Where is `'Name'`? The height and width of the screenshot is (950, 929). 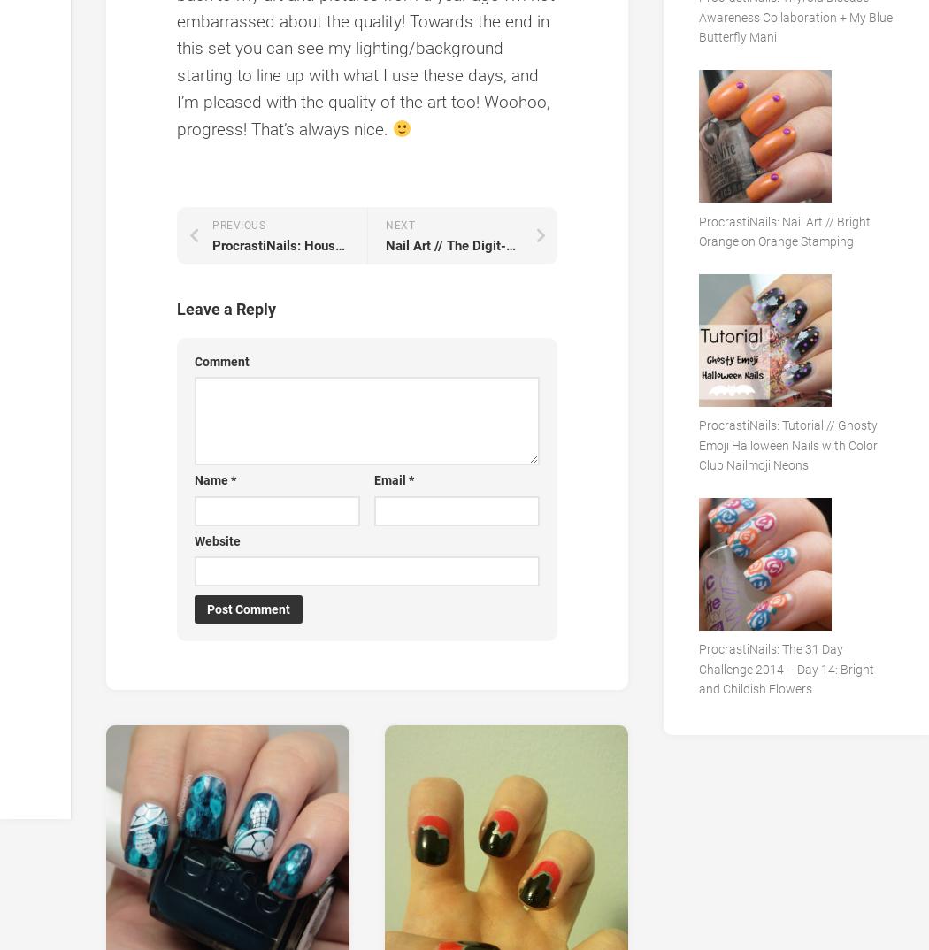 'Name' is located at coordinates (212, 479).